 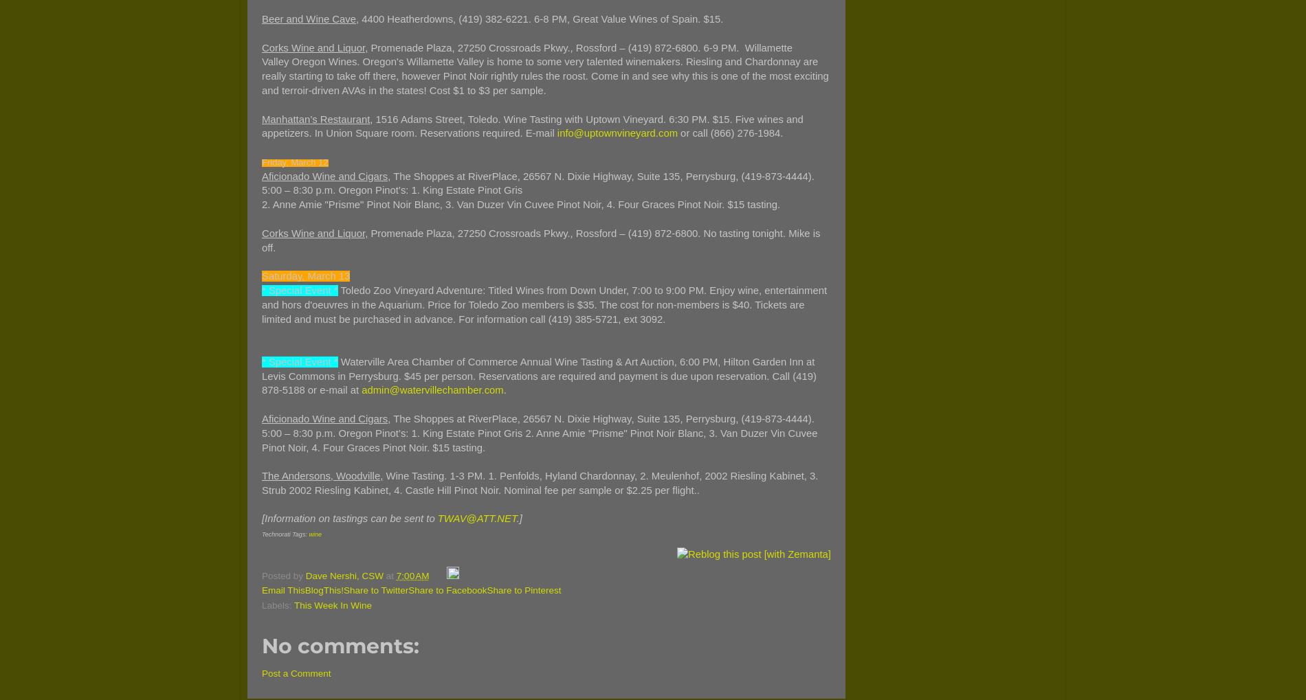 What do you see at coordinates (538, 375) in the screenshot?
I see `'Waterville Area Chamber of Commerce Annual Wine Tasting & Art Auction, 6:00 PM, Hilton Garden Inn at Levis Commons in Perrysburg. $45 per person. Reservations are required and payment is due upon reservation. Call (419) 878-5188 or e-mail at'` at bounding box center [538, 375].